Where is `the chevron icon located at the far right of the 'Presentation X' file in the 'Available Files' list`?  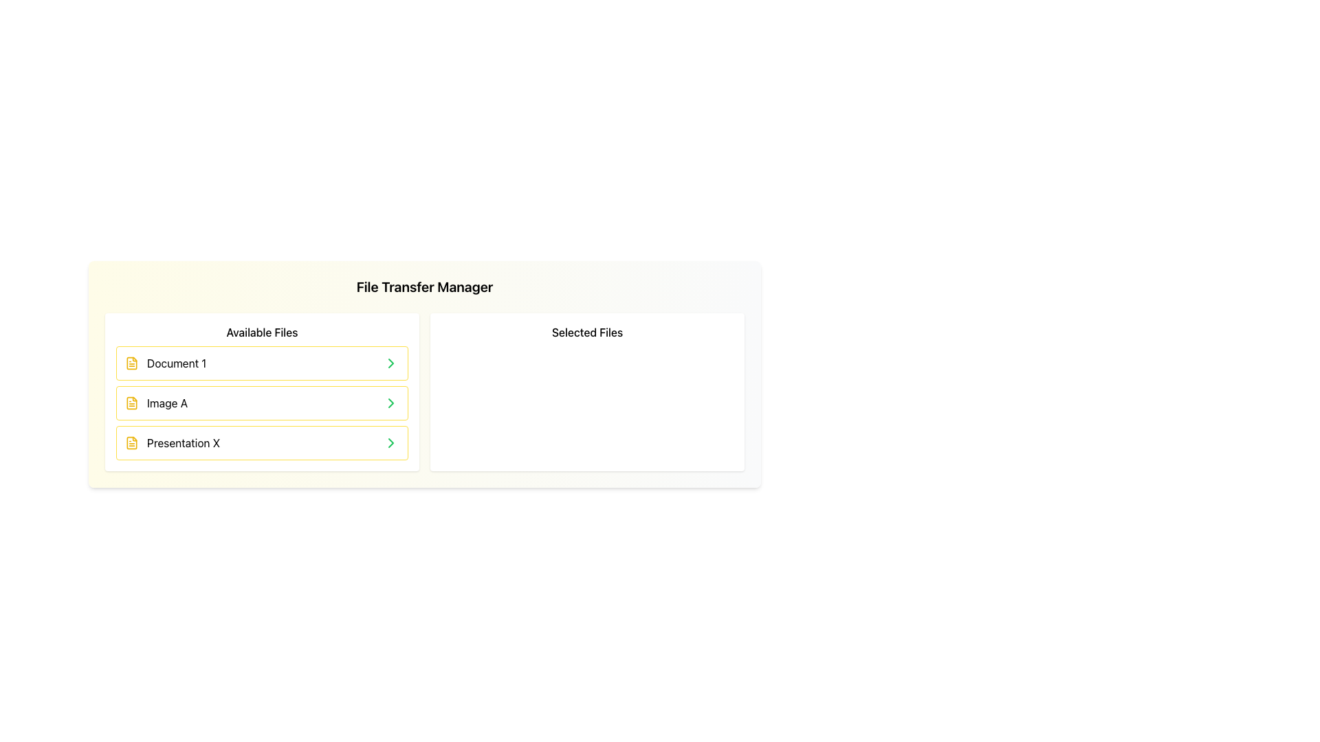 the chevron icon located at the far right of the 'Presentation X' file in the 'Available Files' list is located at coordinates (390, 442).